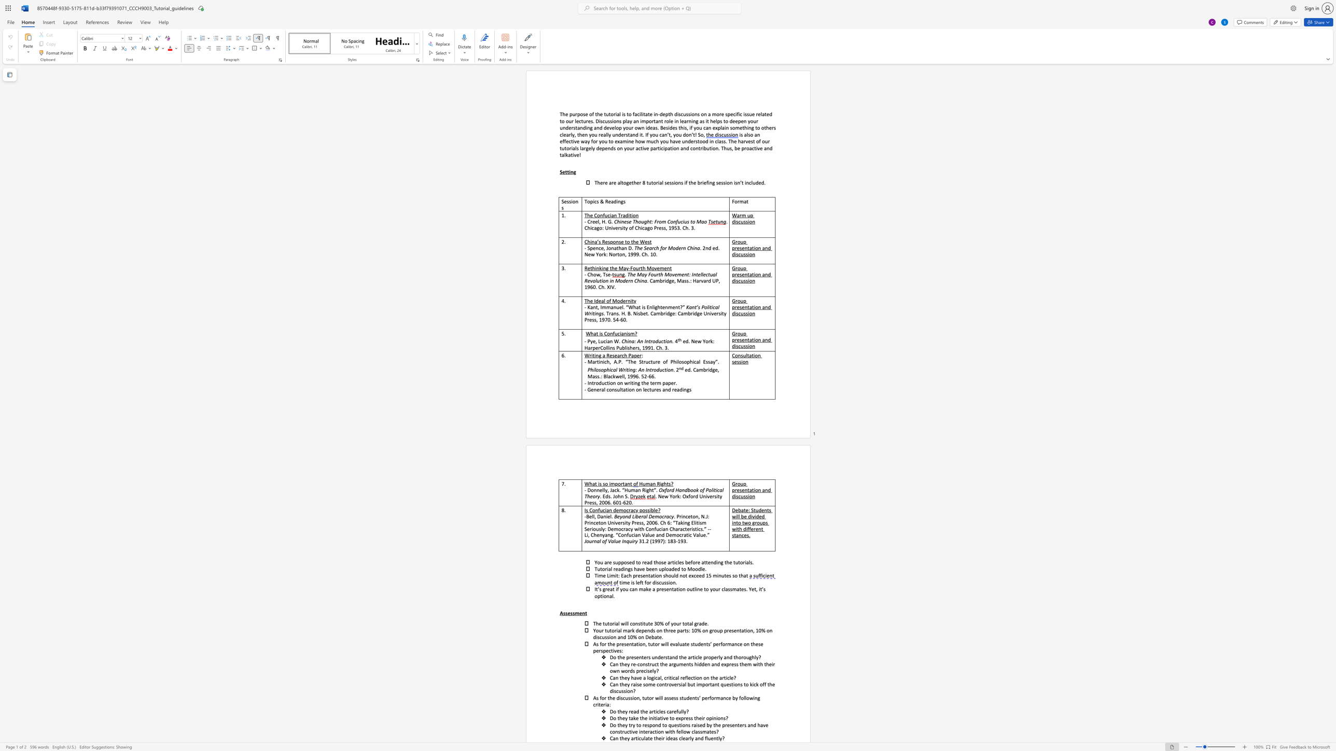 Image resolution: width=1336 pixels, height=751 pixels. What do you see at coordinates (570, 613) in the screenshot?
I see `the subset text "ssment" within the text "Assessment"` at bounding box center [570, 613].